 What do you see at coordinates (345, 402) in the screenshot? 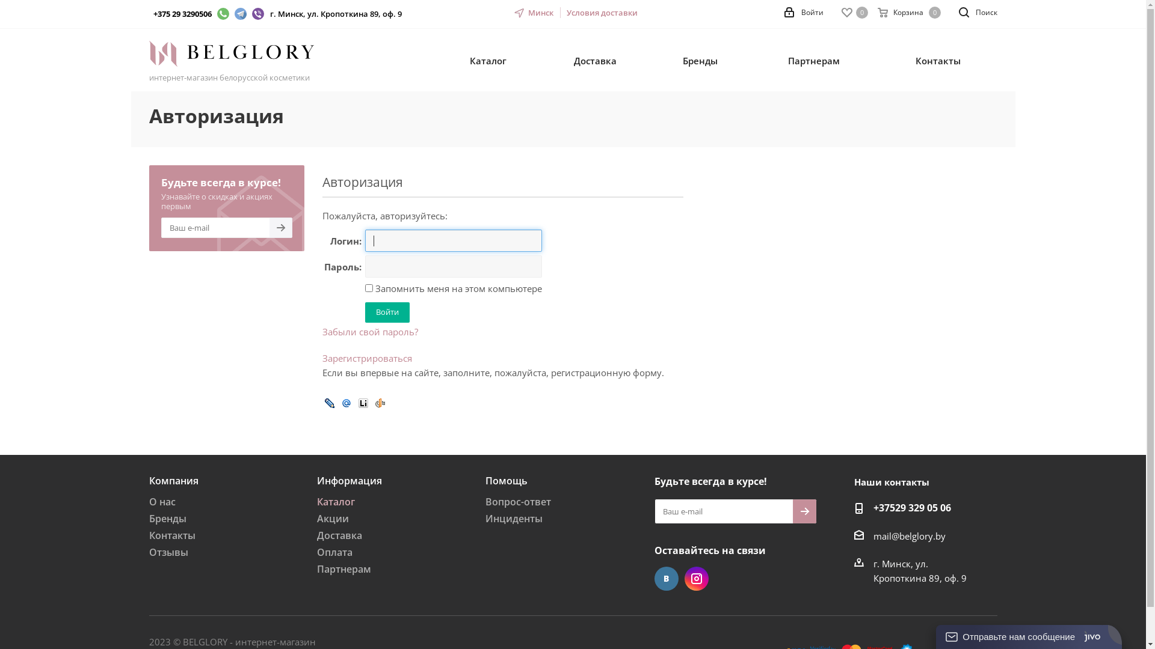
I see `'Mail.Ru'` at bounding box center [345, 402].